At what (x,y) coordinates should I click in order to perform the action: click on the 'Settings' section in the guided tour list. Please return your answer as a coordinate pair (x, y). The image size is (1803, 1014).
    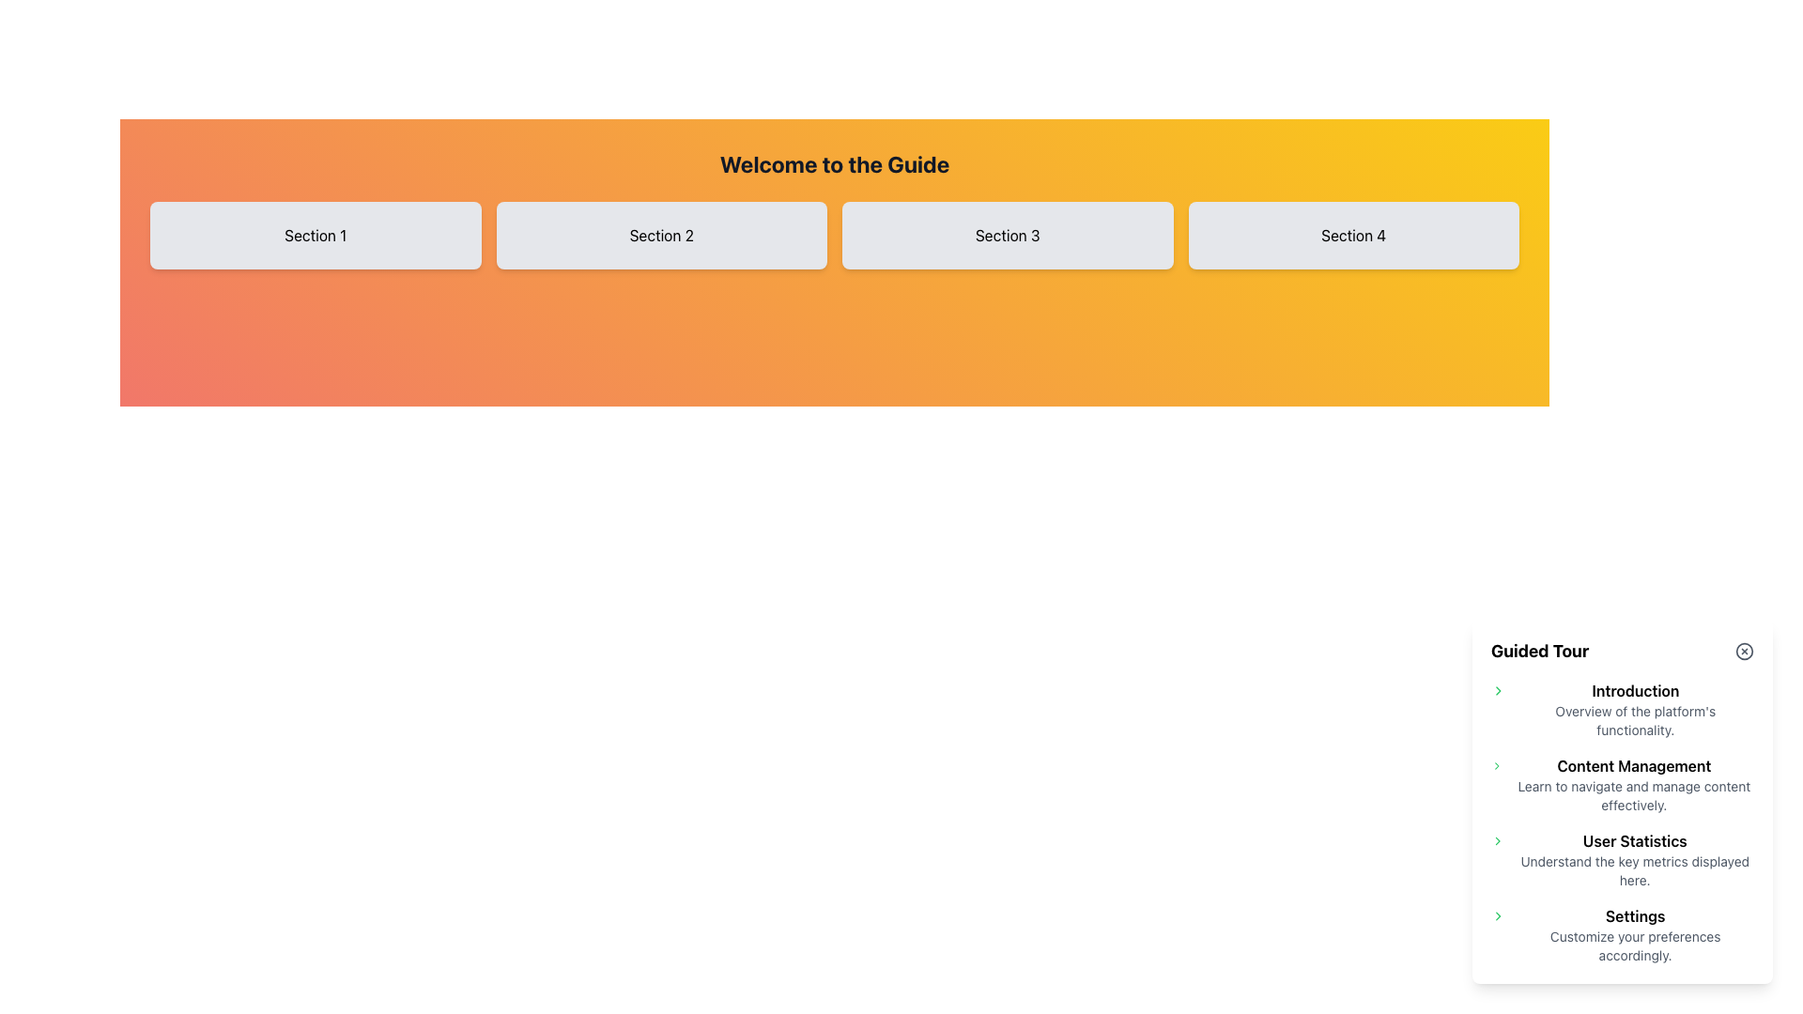
    Looking at the image, I should click on (1622, 934).